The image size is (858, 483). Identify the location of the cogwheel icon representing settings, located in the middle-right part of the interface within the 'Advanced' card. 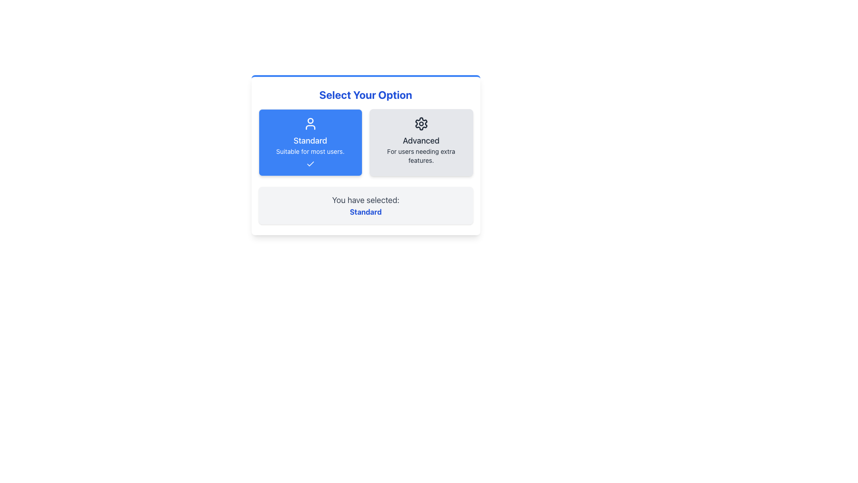
(421, 124).